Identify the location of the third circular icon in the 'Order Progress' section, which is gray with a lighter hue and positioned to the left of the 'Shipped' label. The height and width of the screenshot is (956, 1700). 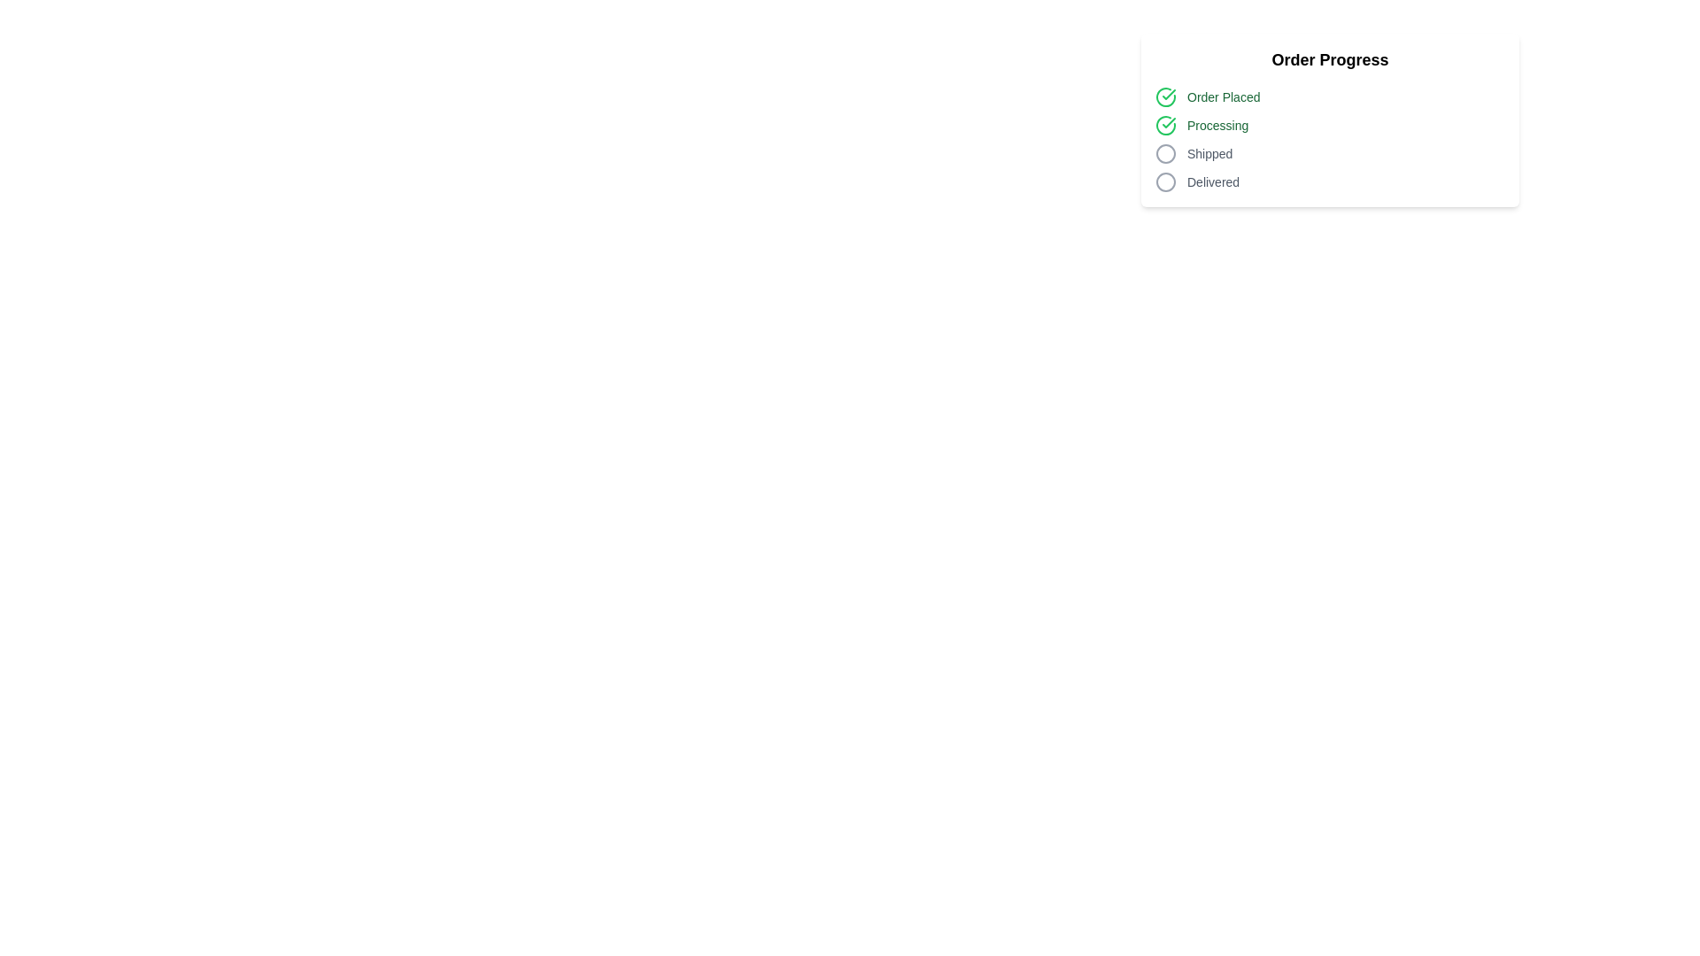
(1165, 152).